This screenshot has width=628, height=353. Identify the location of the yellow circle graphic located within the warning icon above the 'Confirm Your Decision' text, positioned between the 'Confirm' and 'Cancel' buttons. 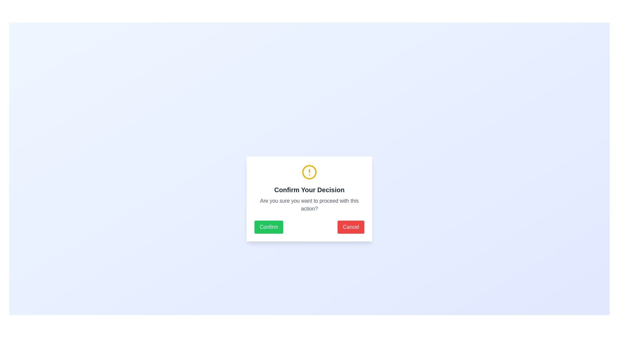
(309, 172).